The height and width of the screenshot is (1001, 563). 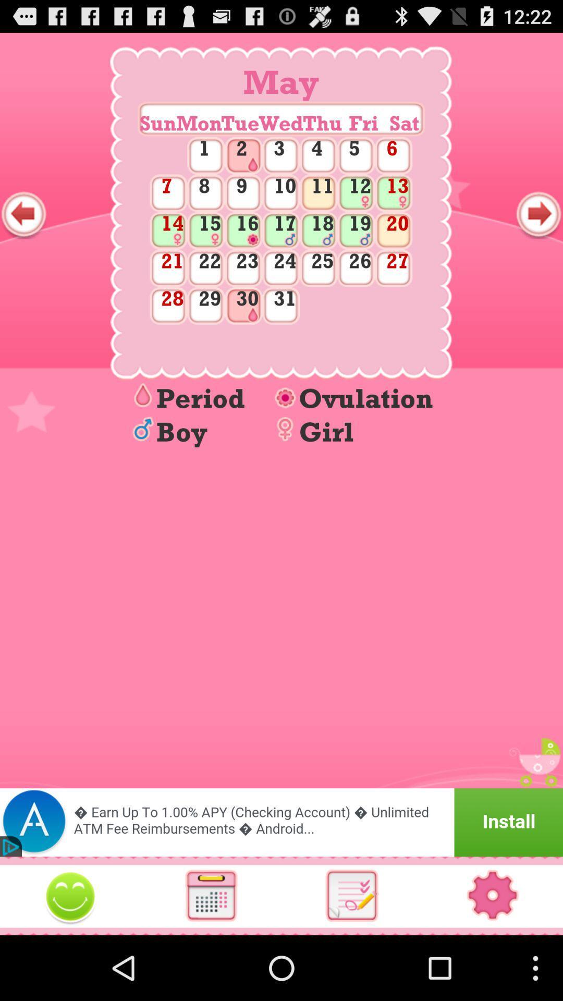 What do you see at coordinates (538, 214) in the screenshot?
I see `show next month` at bounding box center [538, 214].